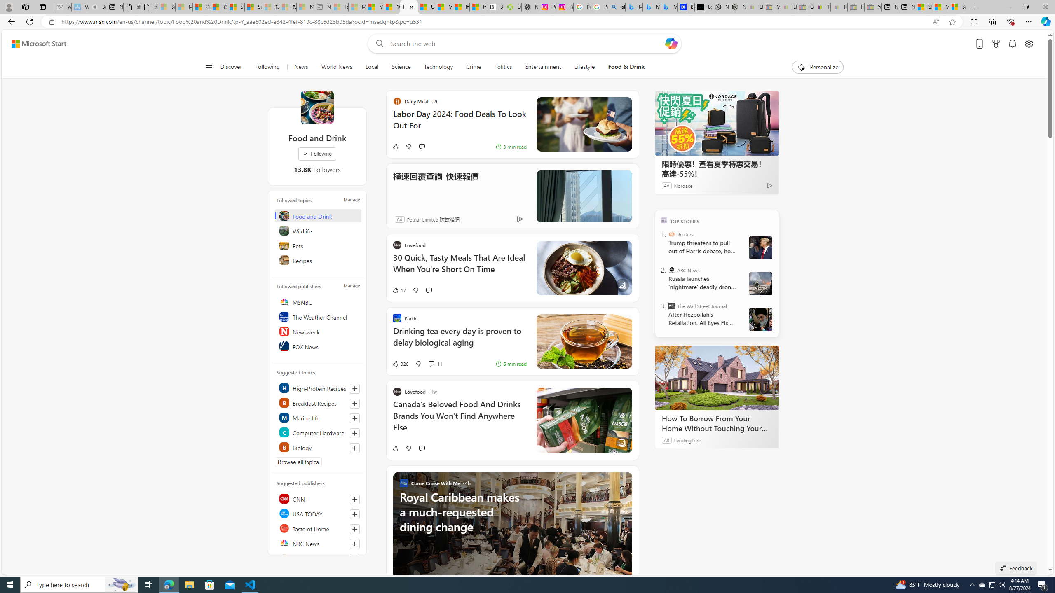  Describe the element at coordinates (1029, 44) in the screenshot. I see `'Open settings'` at that location.